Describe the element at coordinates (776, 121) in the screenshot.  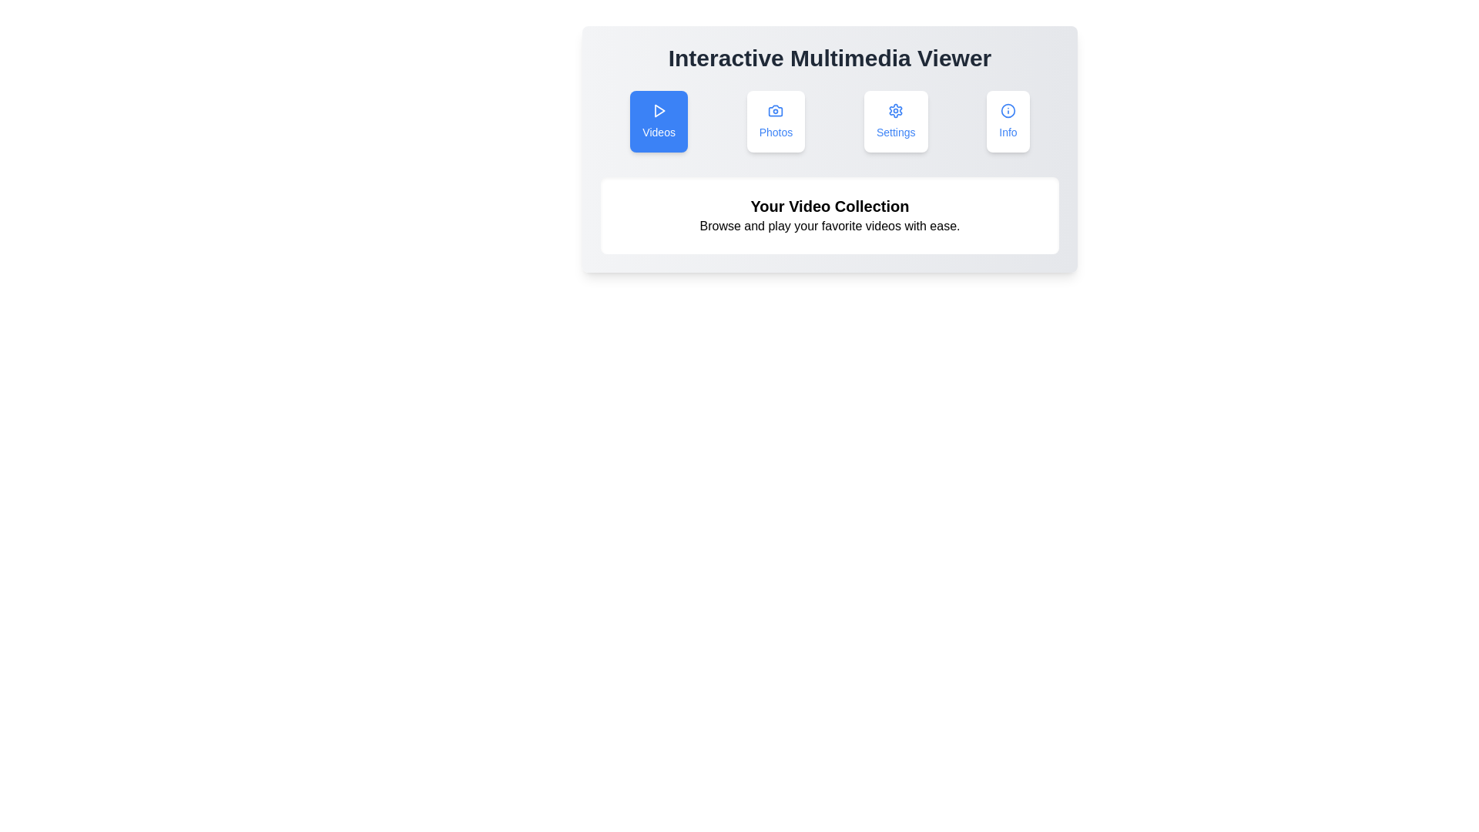
I see `the 'Photos' button, which is the second button from the left in a horizontal arrangement, located between the 'Videos' button and the 'Settings' button` at that location.